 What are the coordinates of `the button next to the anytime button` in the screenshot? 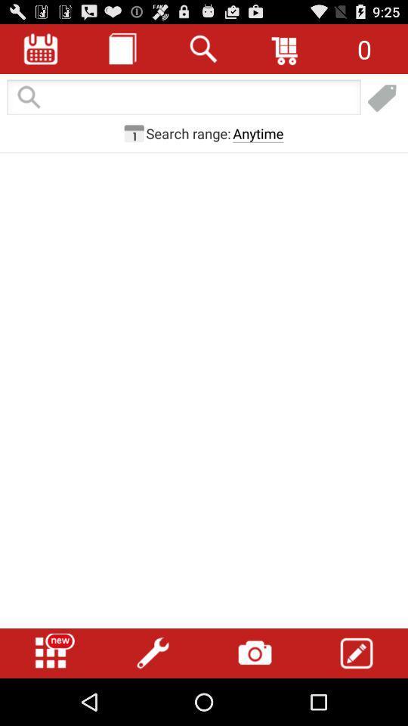 It's located at (188, 132).